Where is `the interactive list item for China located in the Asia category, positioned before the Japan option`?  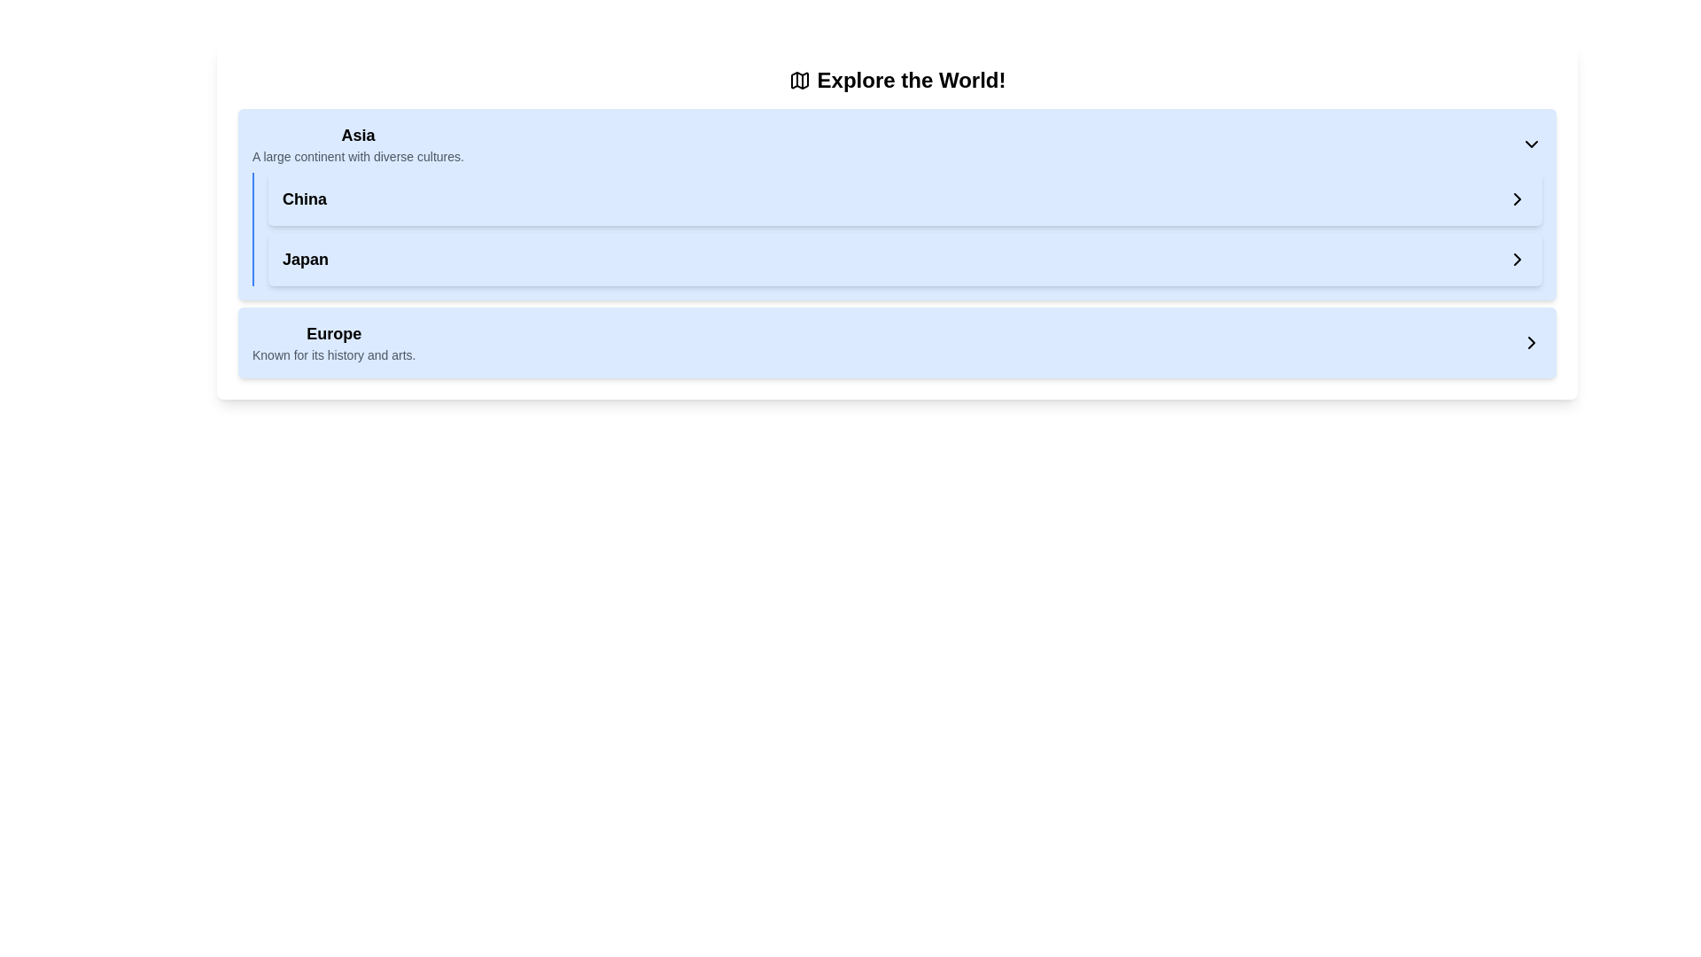 the interactive list item for China located in the Asia category, positioned before the Japan option is located at coordinates (905, 198).